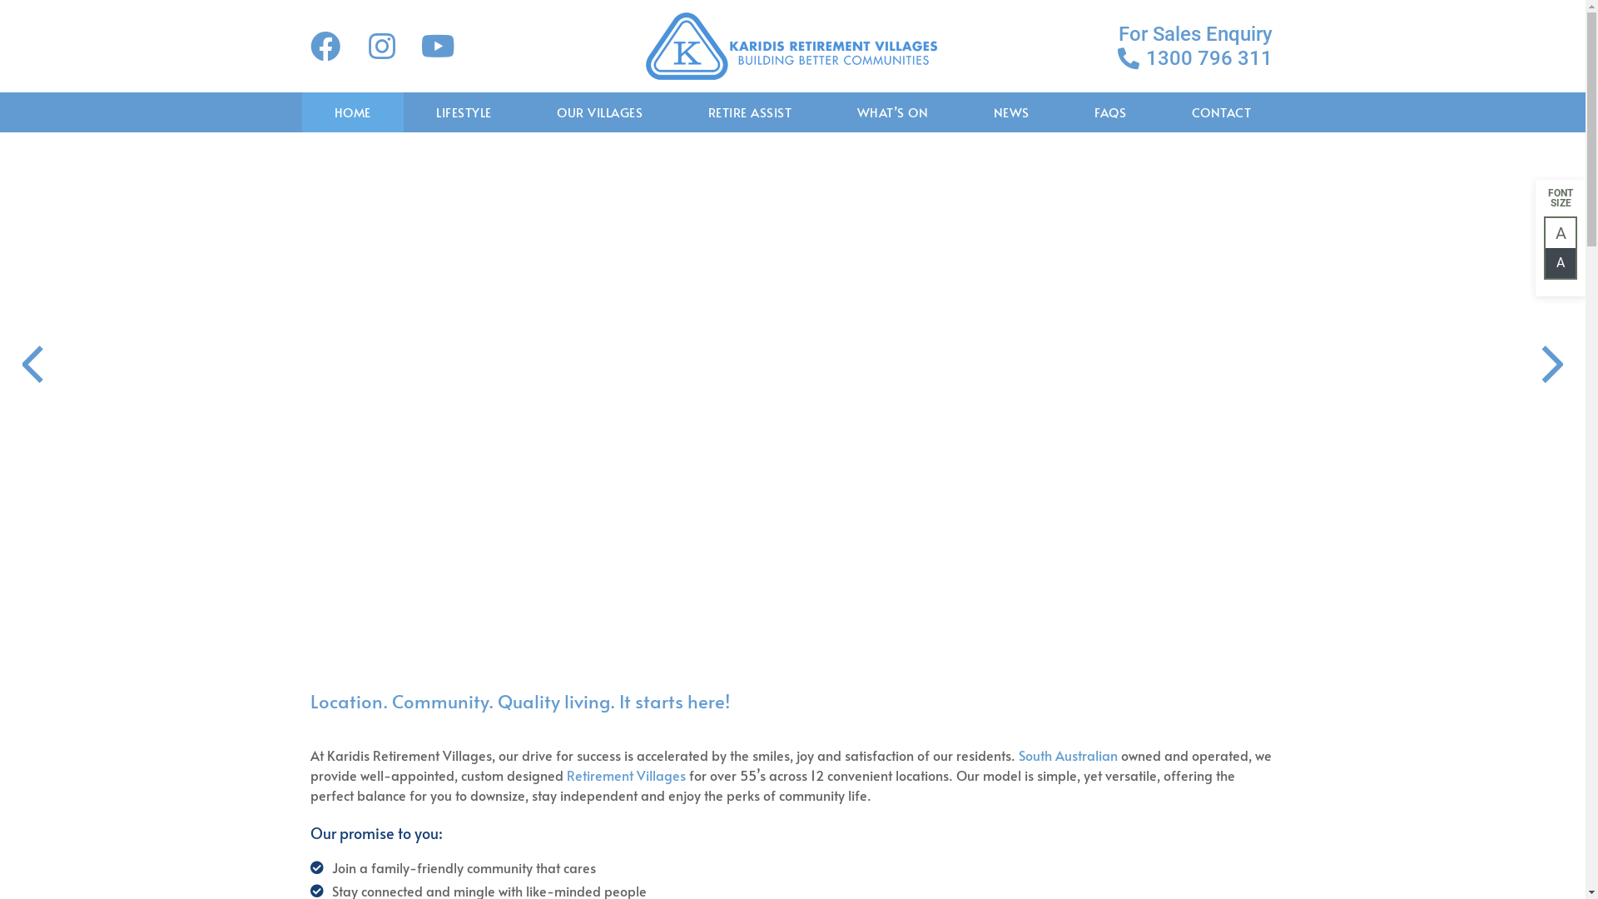 The width and height of the screenshot is (1598, 899). What do you see at coordinates (599, 112) in the screenshot?
I see `'OUR VILLAGES'` at bounding box center [599, 112].